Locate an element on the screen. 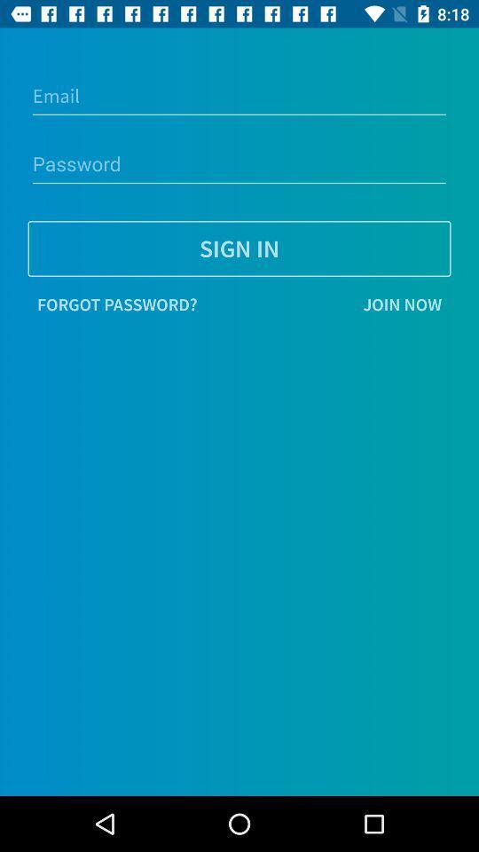 The width and height of the screenshot is (479, 852). the item next to the forgot password? item is located at coordinates (327, 304).